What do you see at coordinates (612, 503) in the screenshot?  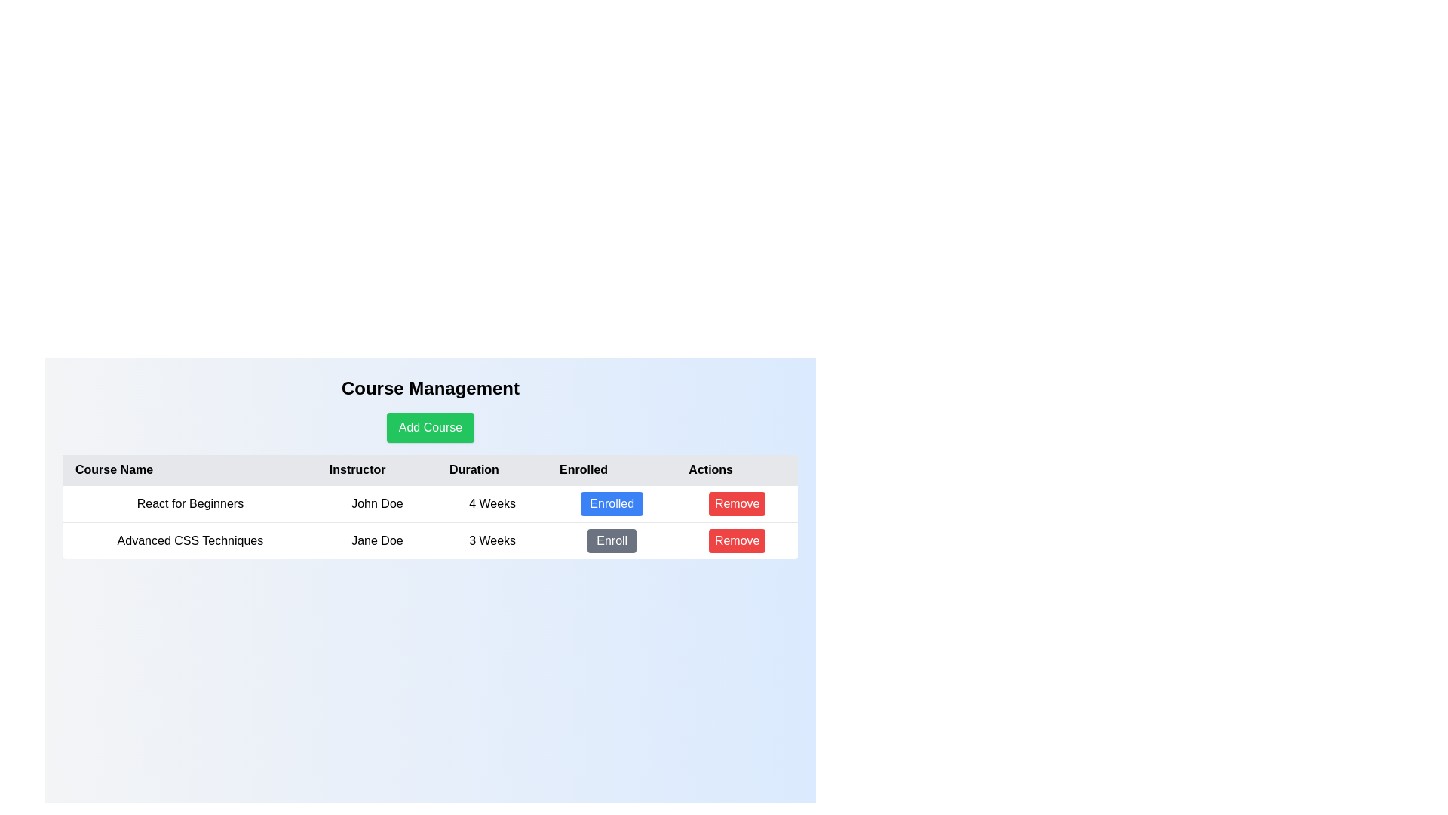 I see `the 'Enrolled' button with a blue background and white text in the first row of the table` at bounding box center [612, 503].